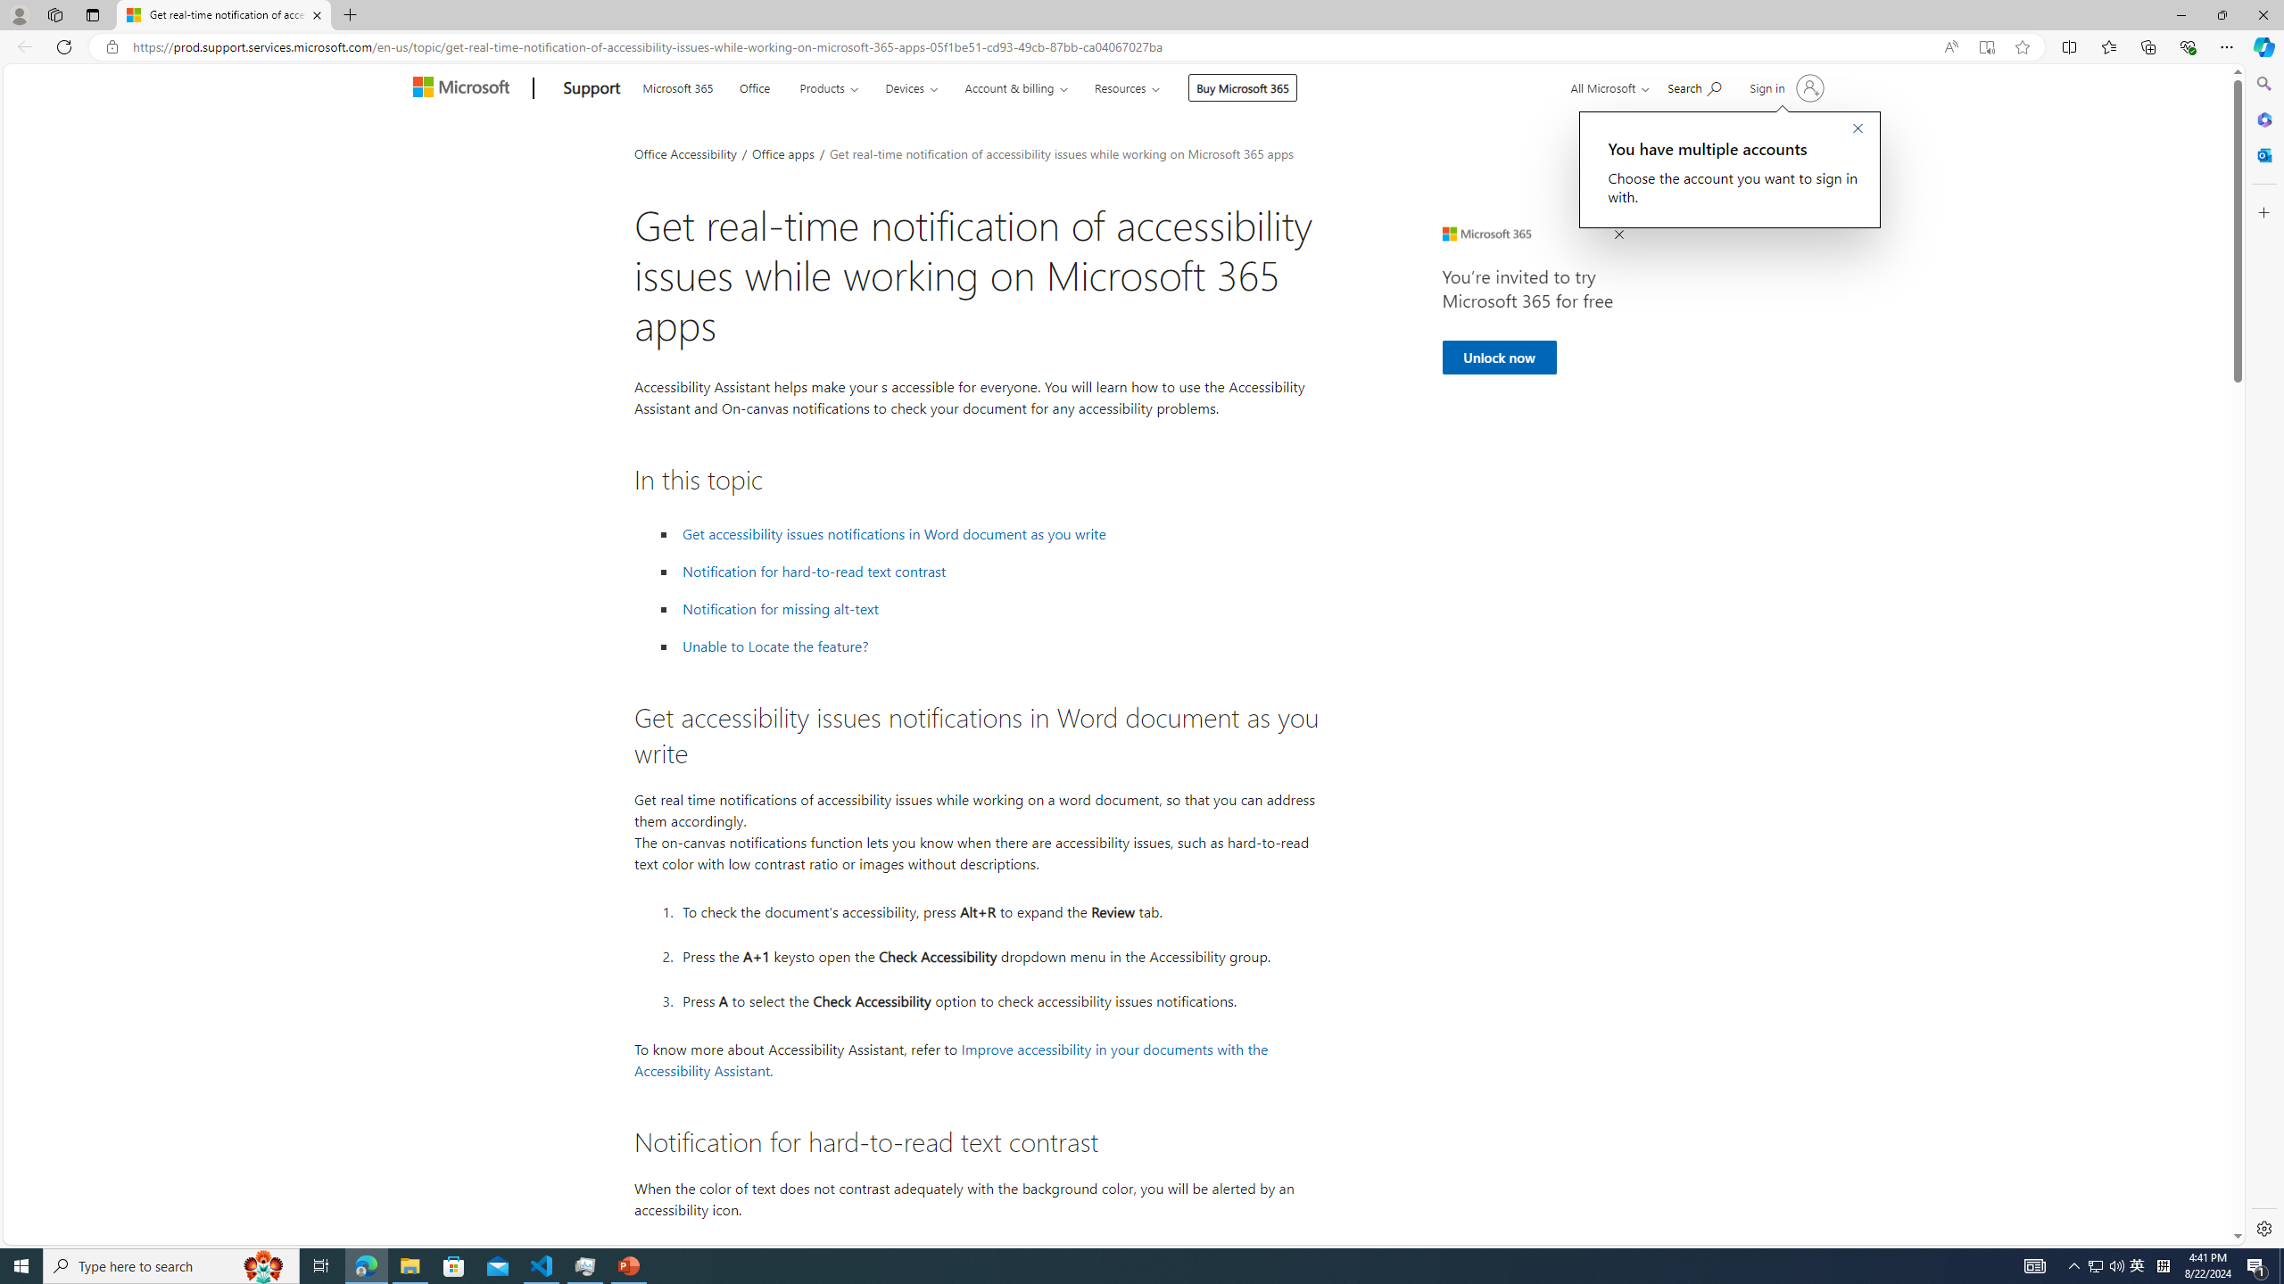 The height and width of the screenshot is (1284, 2284). What do you see at coordinates (1986, 47) in the screenshot?
I see `'Enter Immersive Reader (F9)'` at bounding box center [1986, 47].